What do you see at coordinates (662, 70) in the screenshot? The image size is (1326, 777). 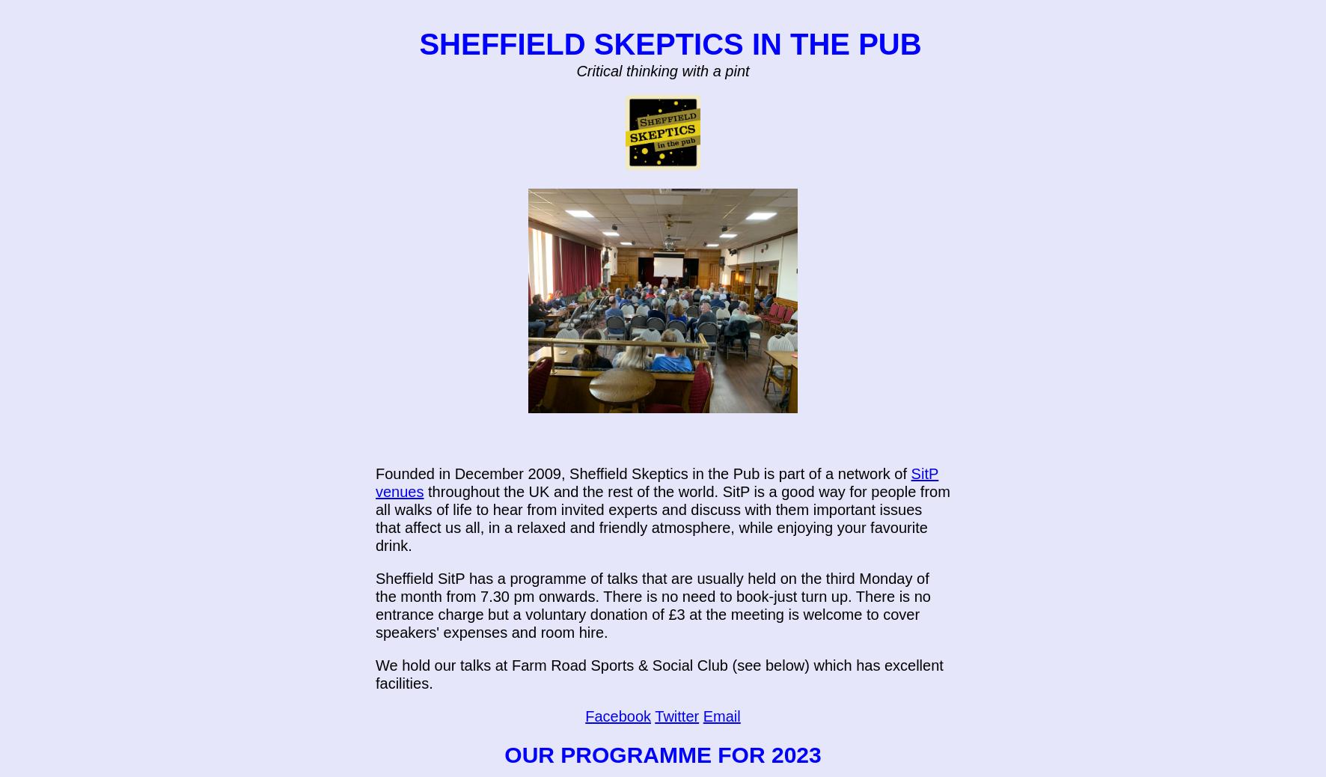 I see `'Critical thinking with a pint'` at bounding box center [662, 70].